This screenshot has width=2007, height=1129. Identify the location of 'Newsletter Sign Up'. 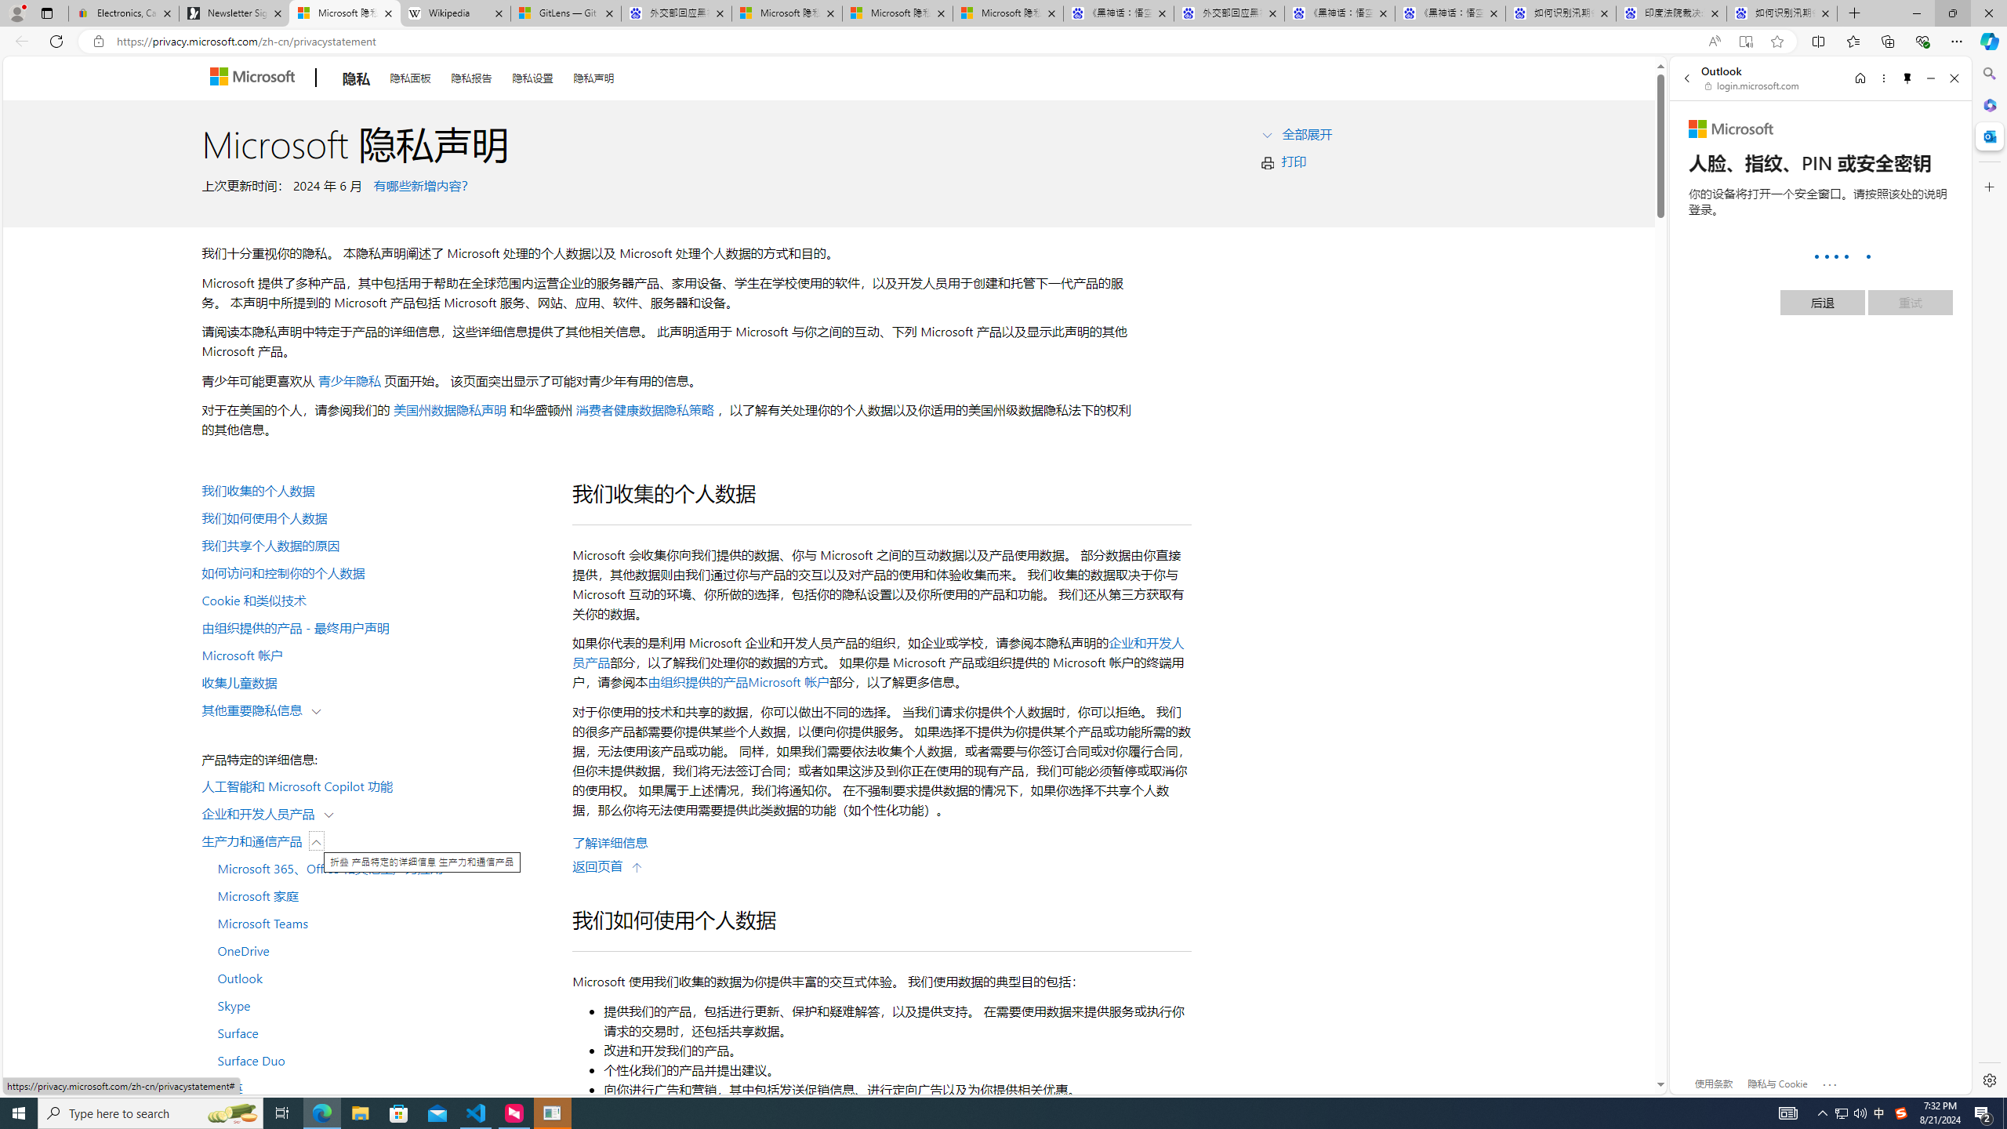
(234, 13).